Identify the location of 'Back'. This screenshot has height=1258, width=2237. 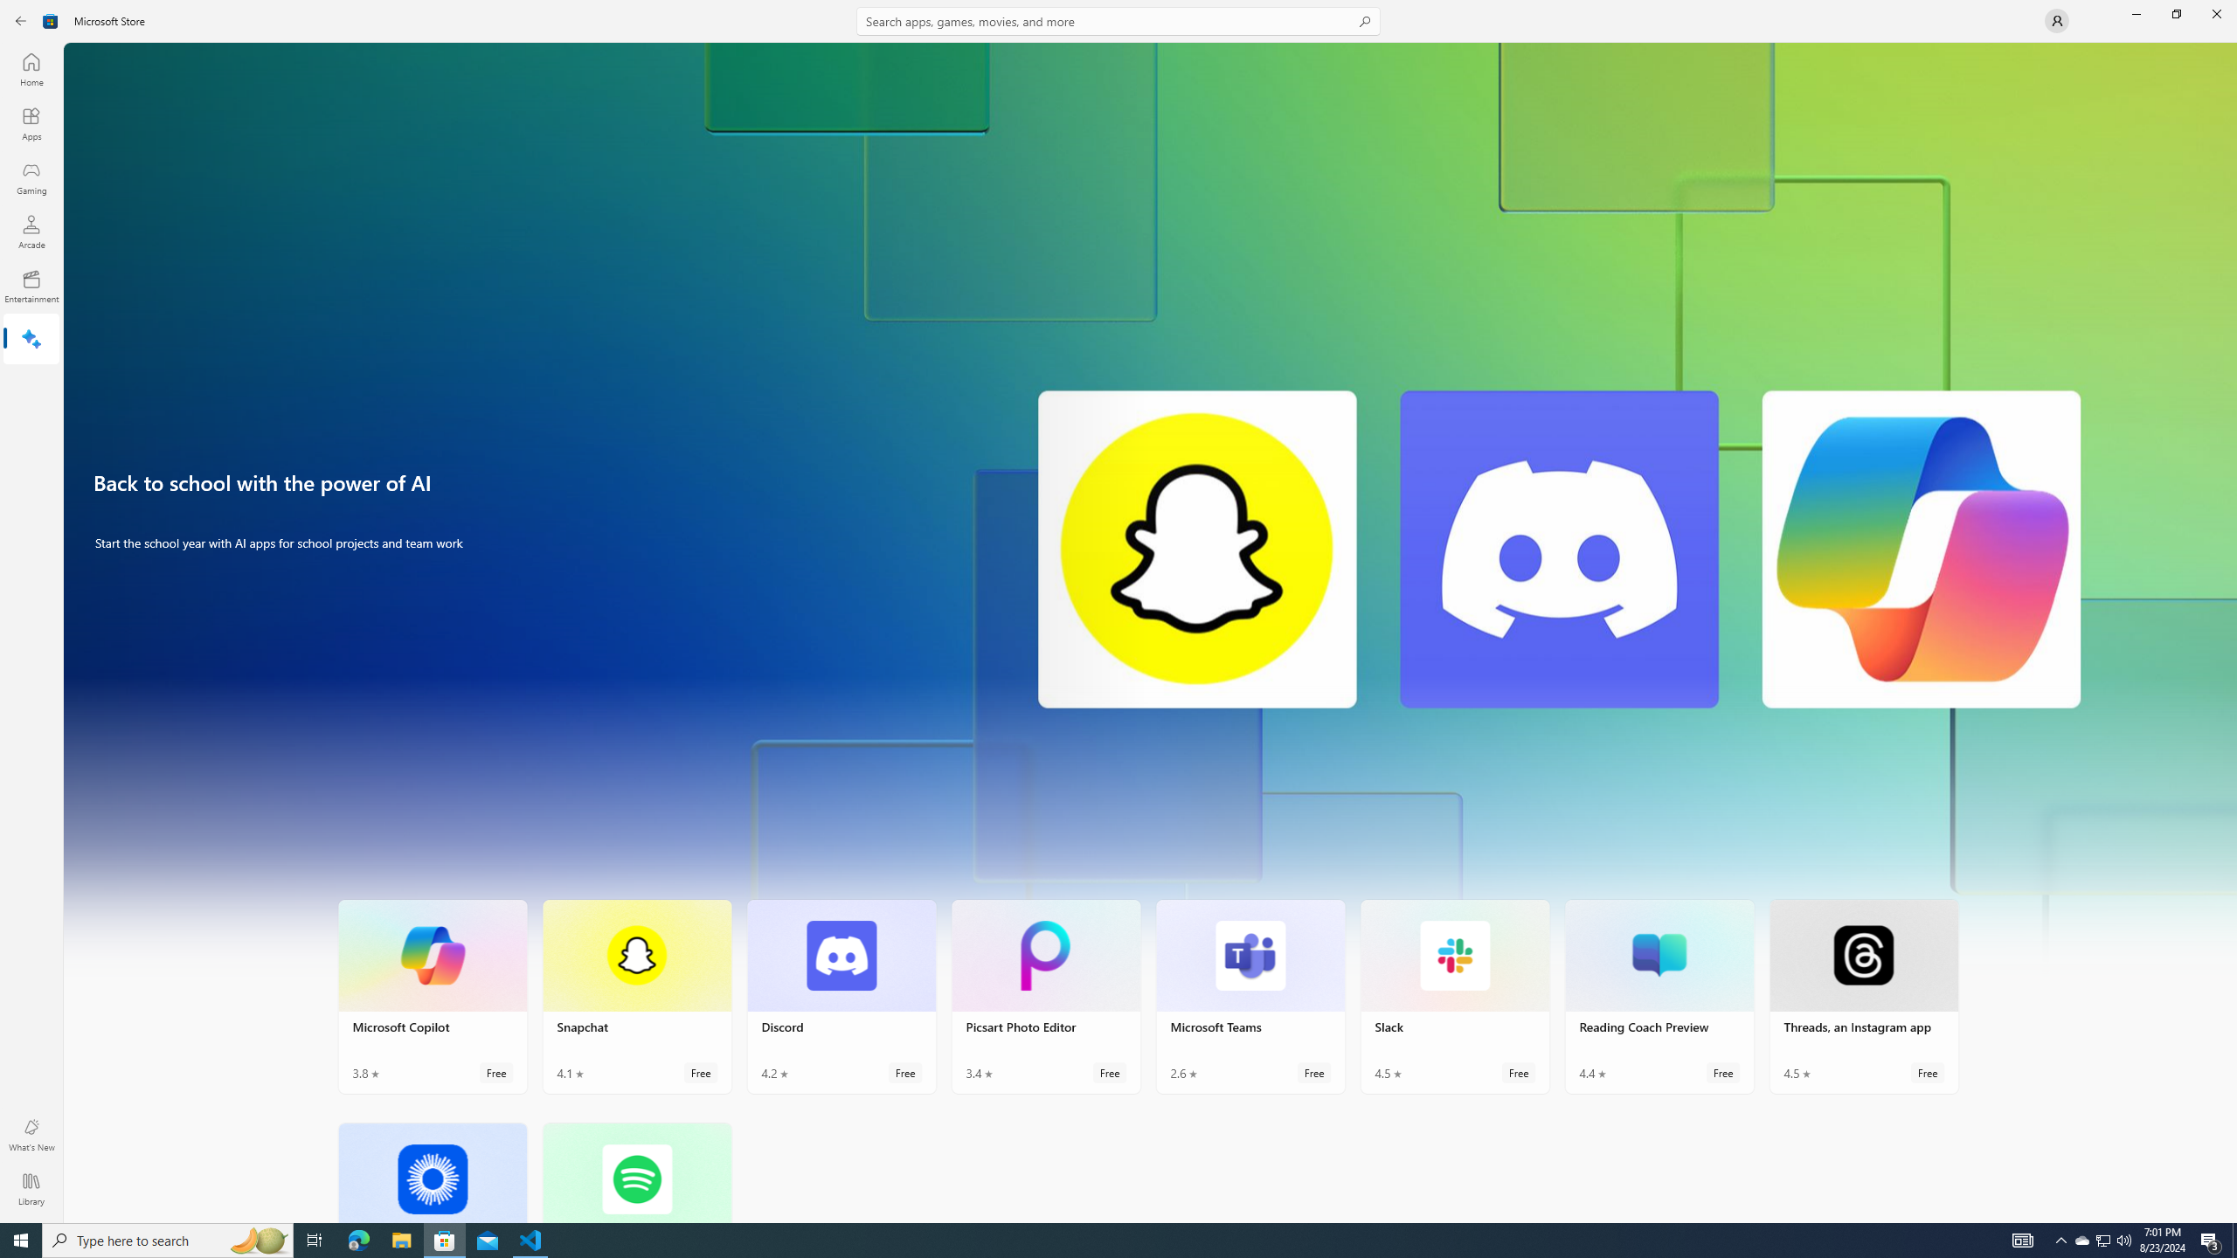
(21, 19).